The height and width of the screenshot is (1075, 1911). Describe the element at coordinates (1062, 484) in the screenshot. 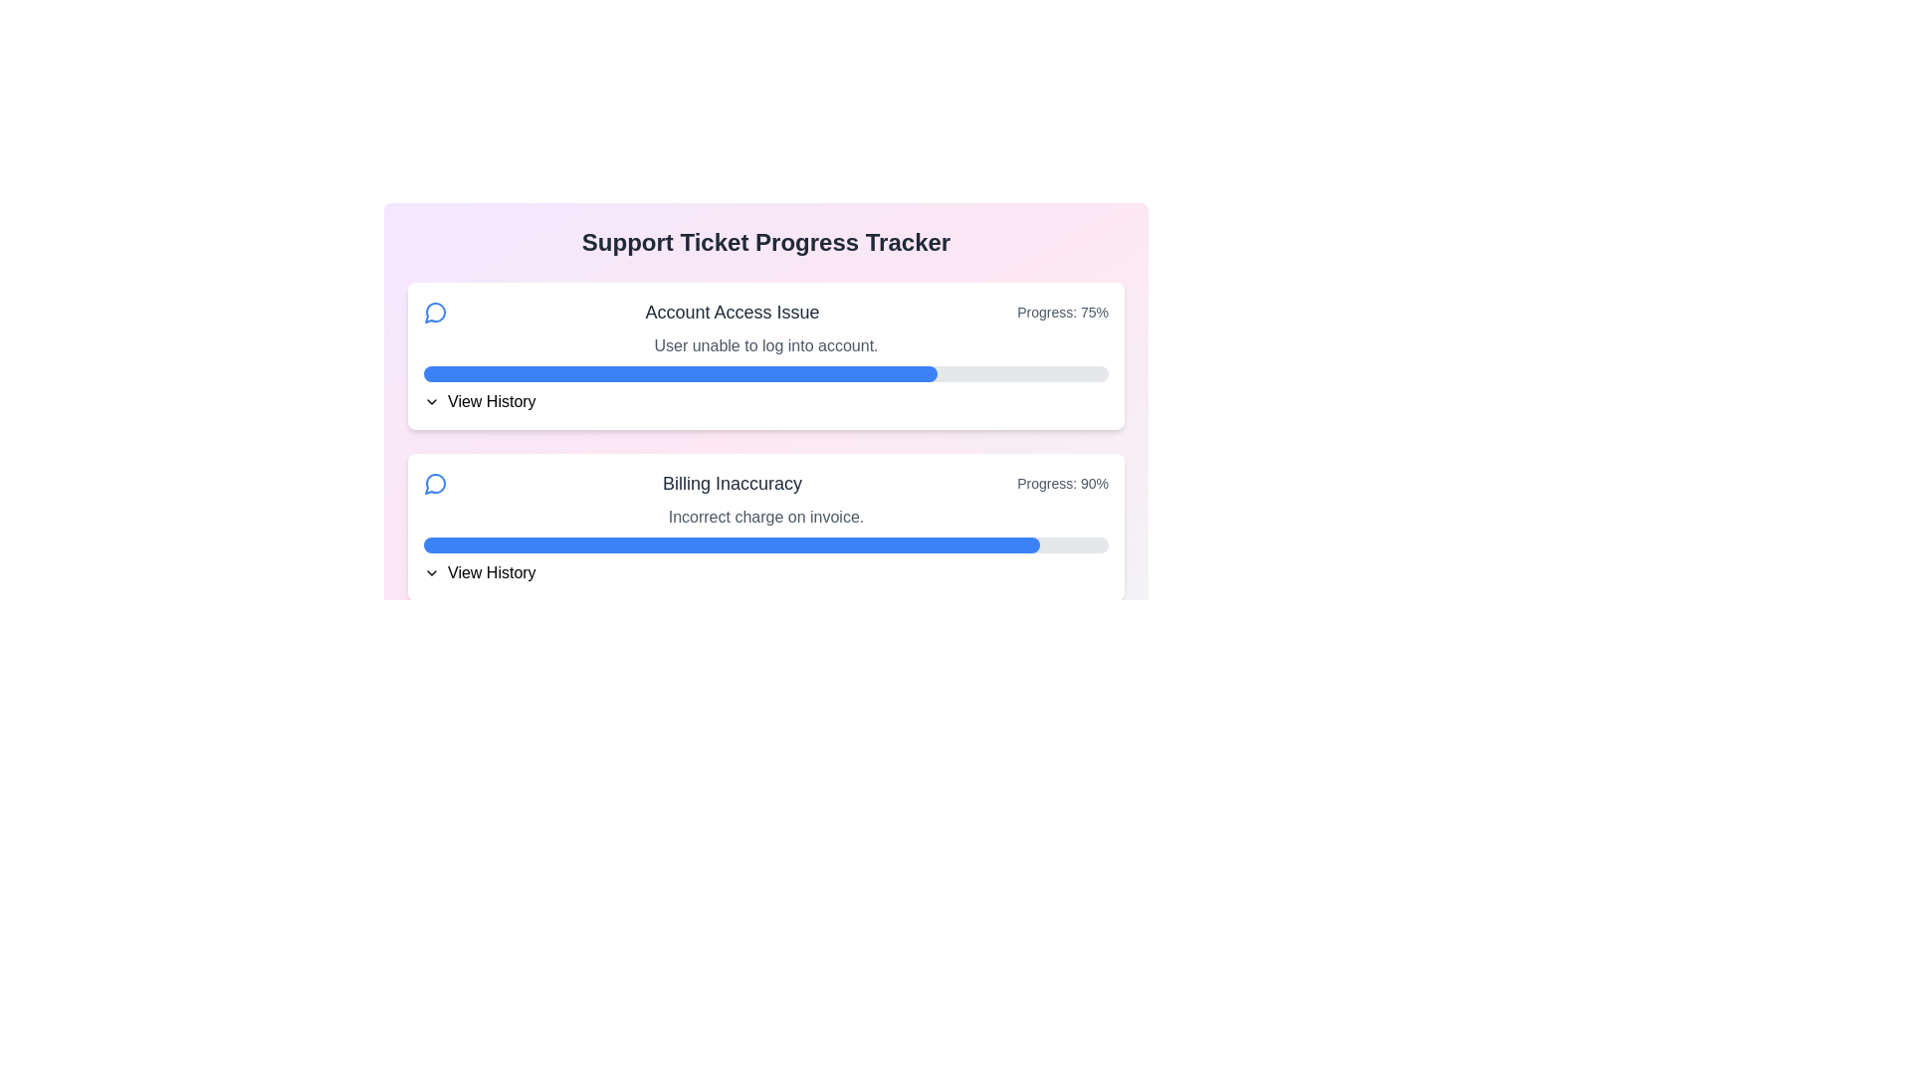

I see `the static text element displaying 'Progress: 90%' which is located on the far right side next to 'Billing Inaccuracy'` at that location.